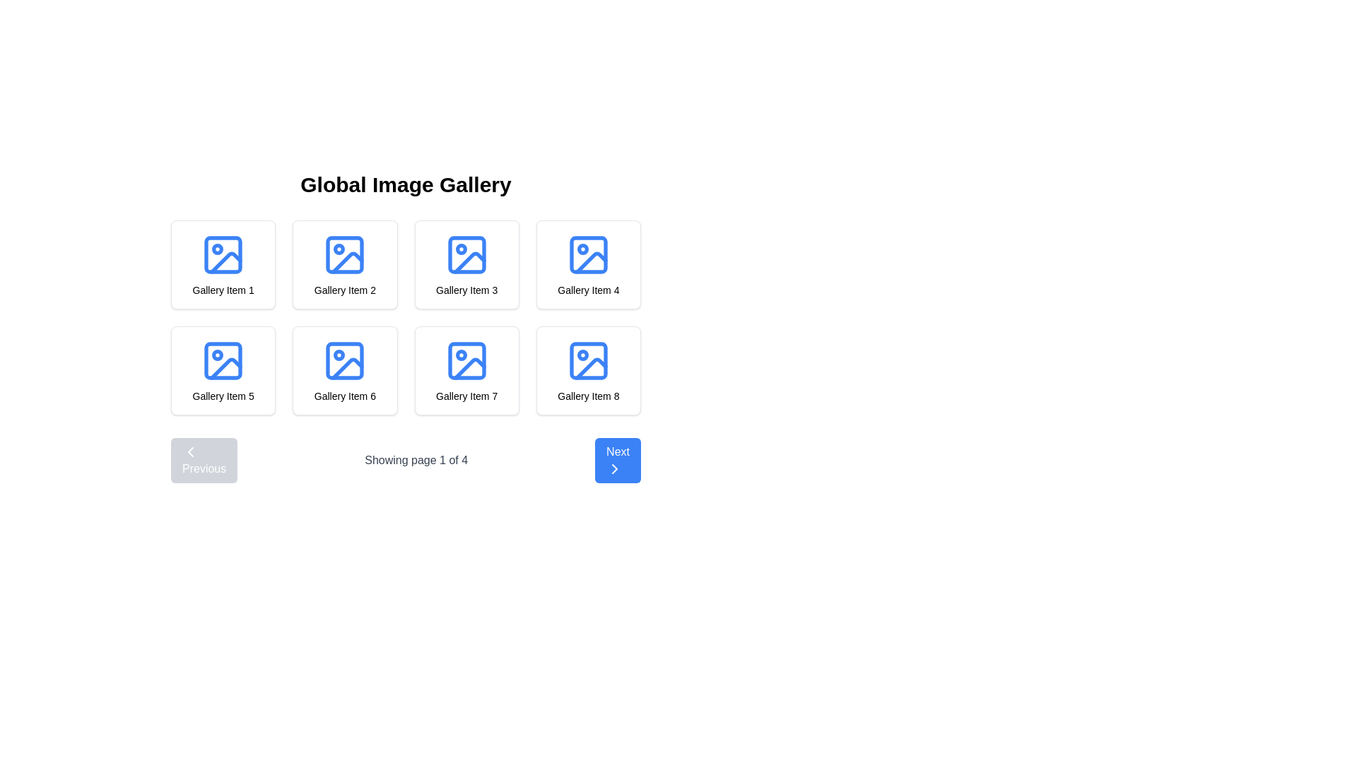  I want to click on the decorative graphical element located in the fifth item of the gallery grid, positioned in the second row, which visually distinguishes the gallery item, so click(223, 360).